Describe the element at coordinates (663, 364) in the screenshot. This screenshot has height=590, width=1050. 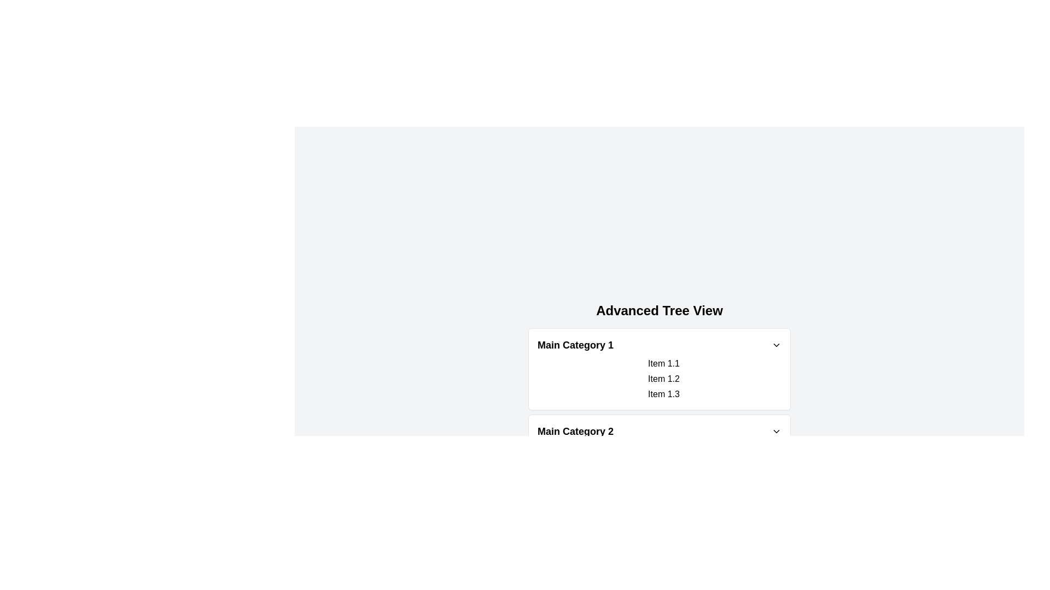
I see `the first selectable item in the dropdown list of 'Main Category 1', located above 'Item 1.2' and 'Item 1.3'` at that location.